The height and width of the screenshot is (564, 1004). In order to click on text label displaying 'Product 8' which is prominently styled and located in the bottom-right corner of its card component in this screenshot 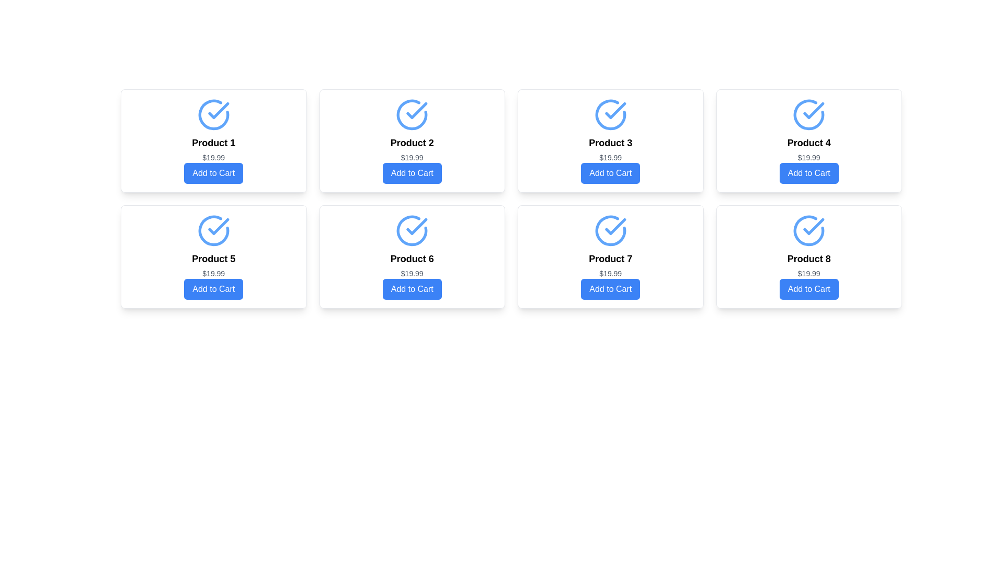, I will do `click(808, 258)`.